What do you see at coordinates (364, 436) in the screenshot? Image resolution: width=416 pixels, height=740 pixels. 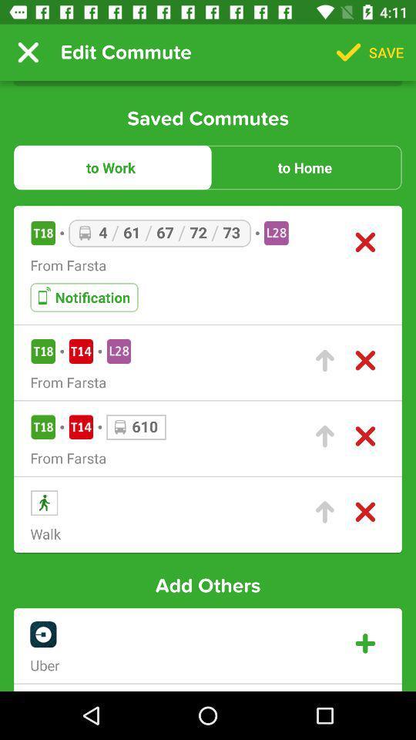 I see `delete unwanted routes` at bounding box center [364, 436].